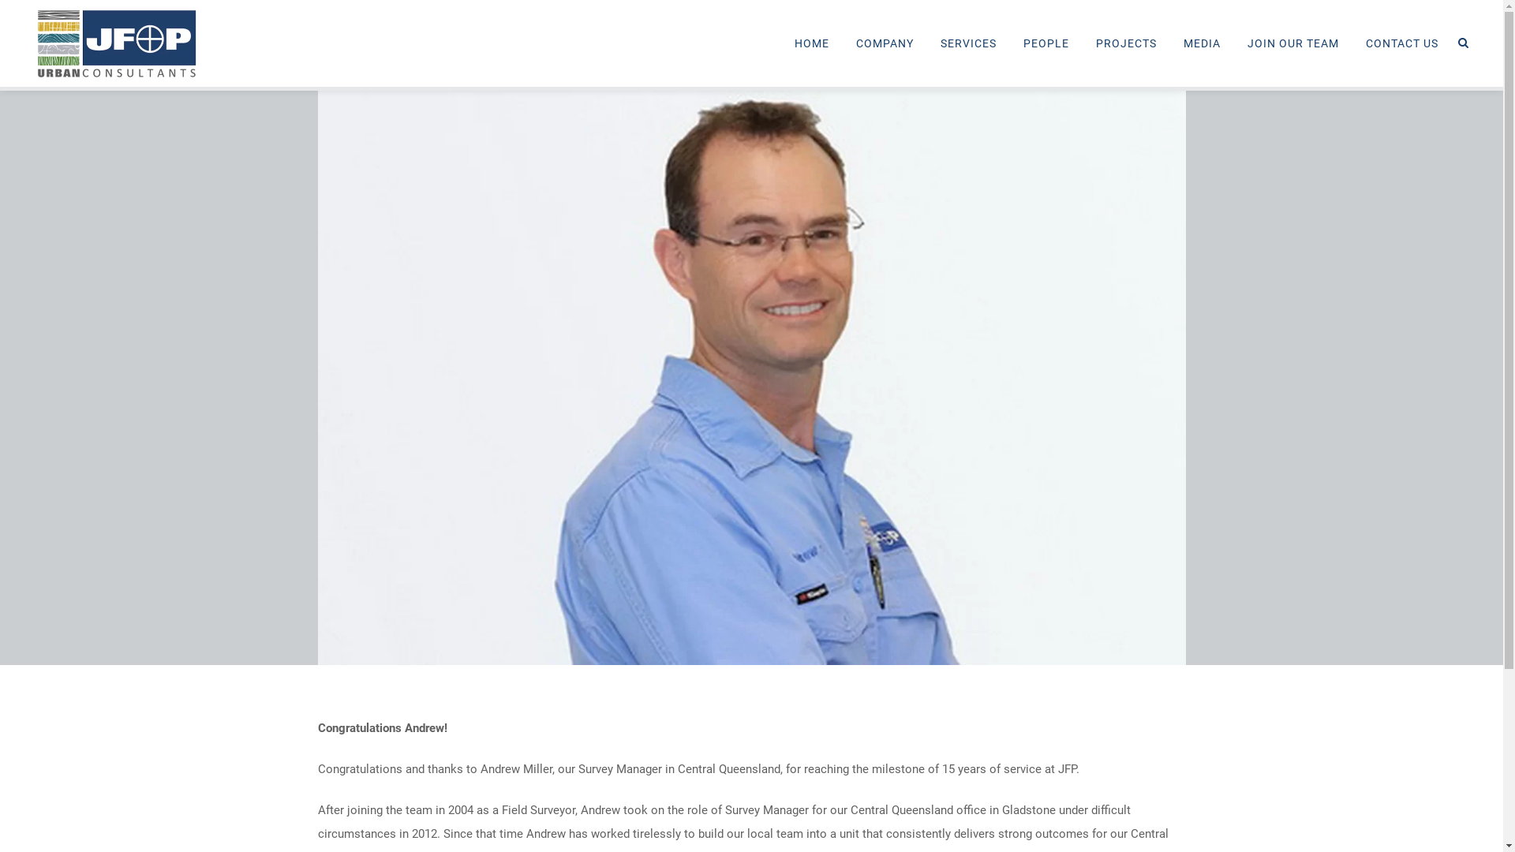 The image size is (1515, 852). What do you see at coordinates (1125, 42) in the screenshot?
I see `'PROJECTS'` at bounding box center [1125, 42].